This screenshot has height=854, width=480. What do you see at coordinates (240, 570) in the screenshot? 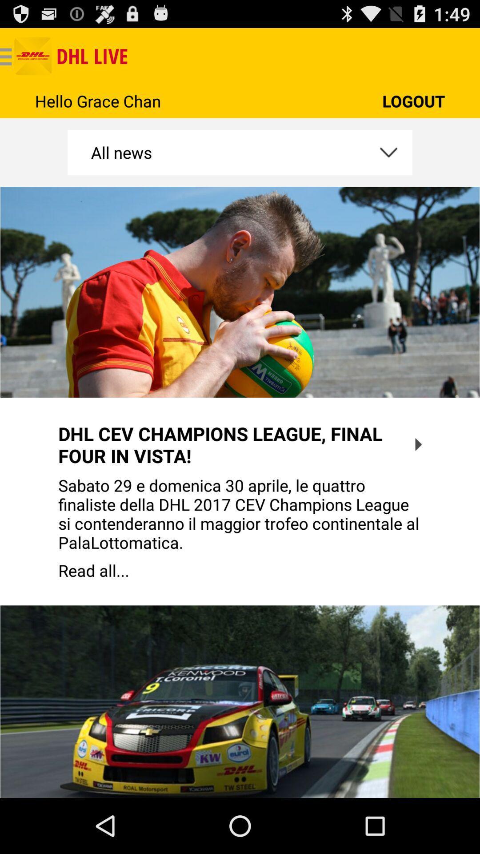
I see `the item below the sabato 29 e` at bounding box center [240, 570].